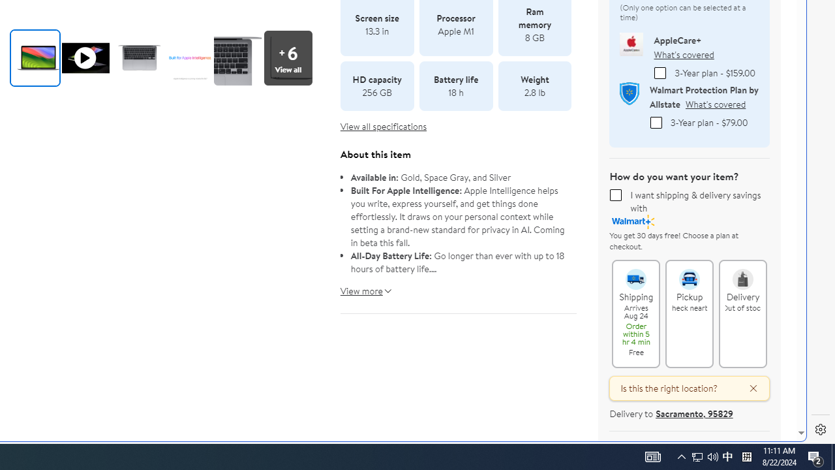 This screenshot has width=835, height=470. I want to click on 'View all media', so click(287, 57).